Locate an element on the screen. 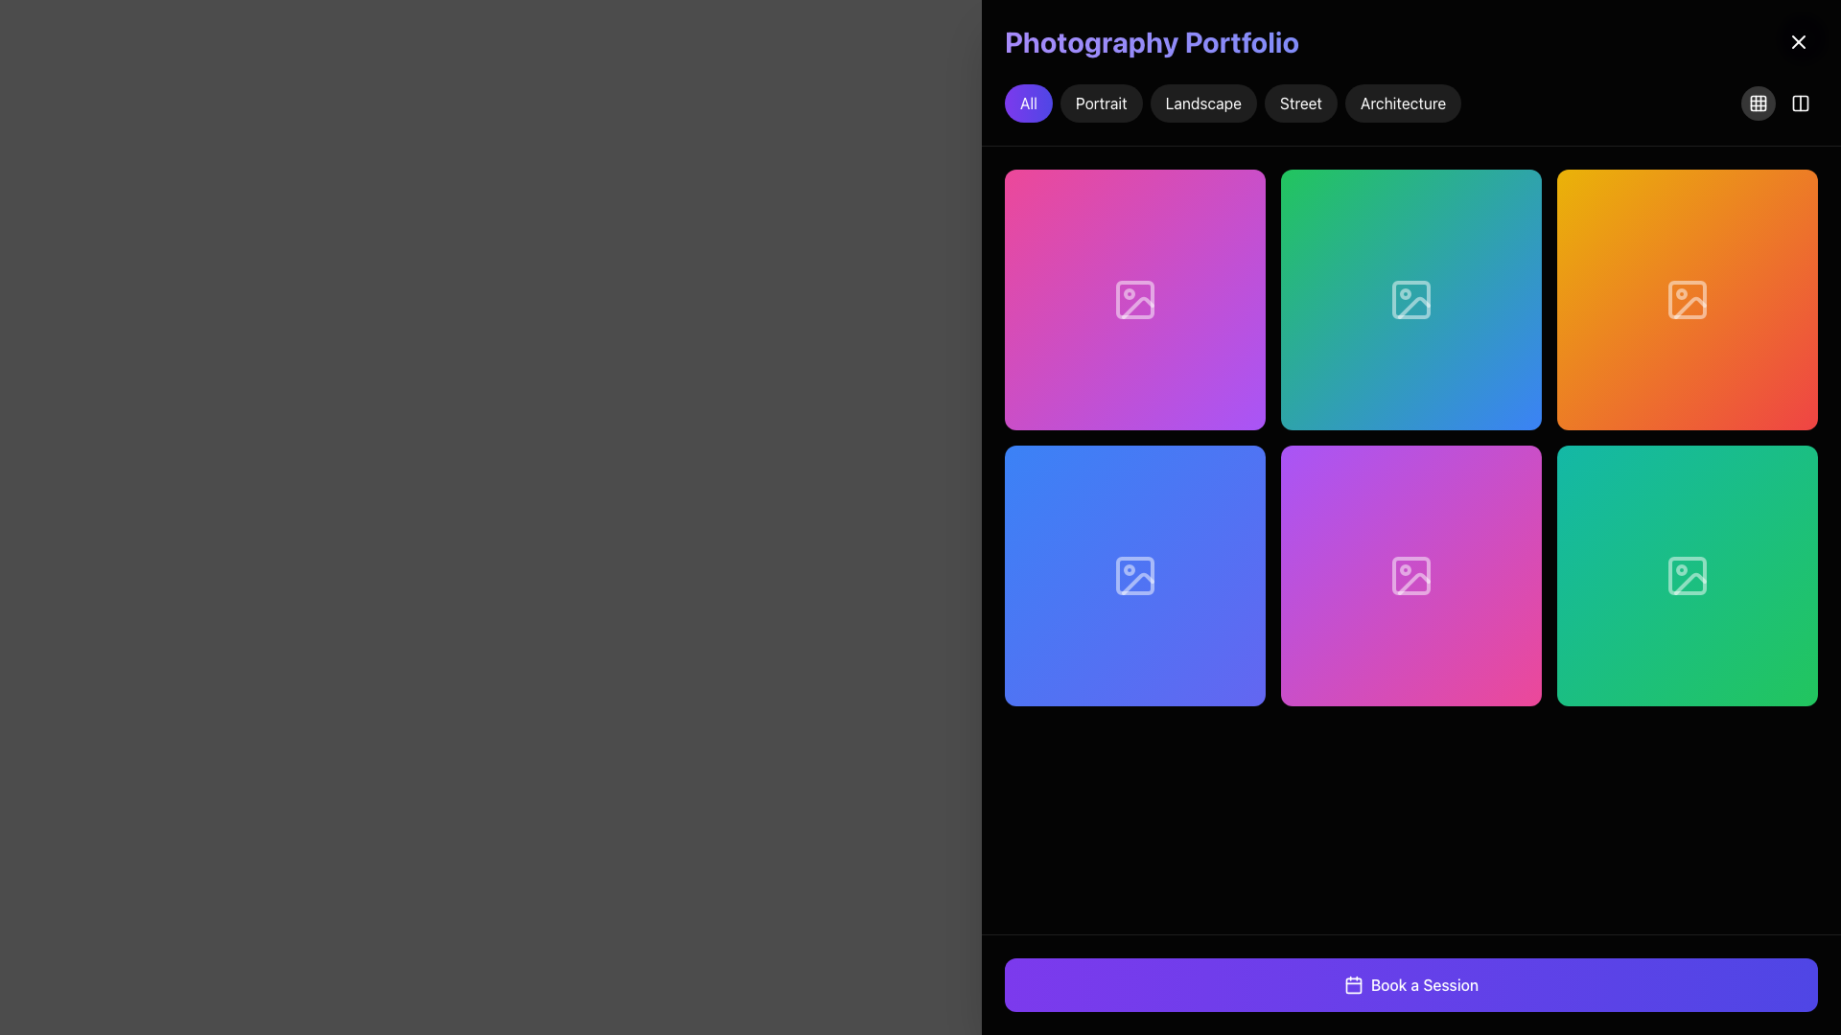 Image resolution: width=1841 pixels, height=1035 pixels. the visual tile or card is located at coordinates (1135, 575).